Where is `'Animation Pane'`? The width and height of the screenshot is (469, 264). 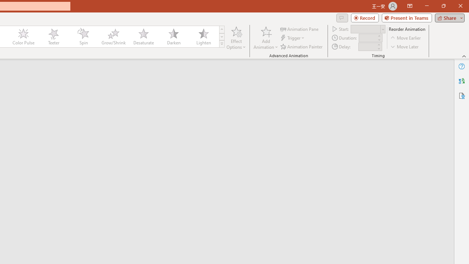
'Animation Pane' is located at coordinates (300, 29).